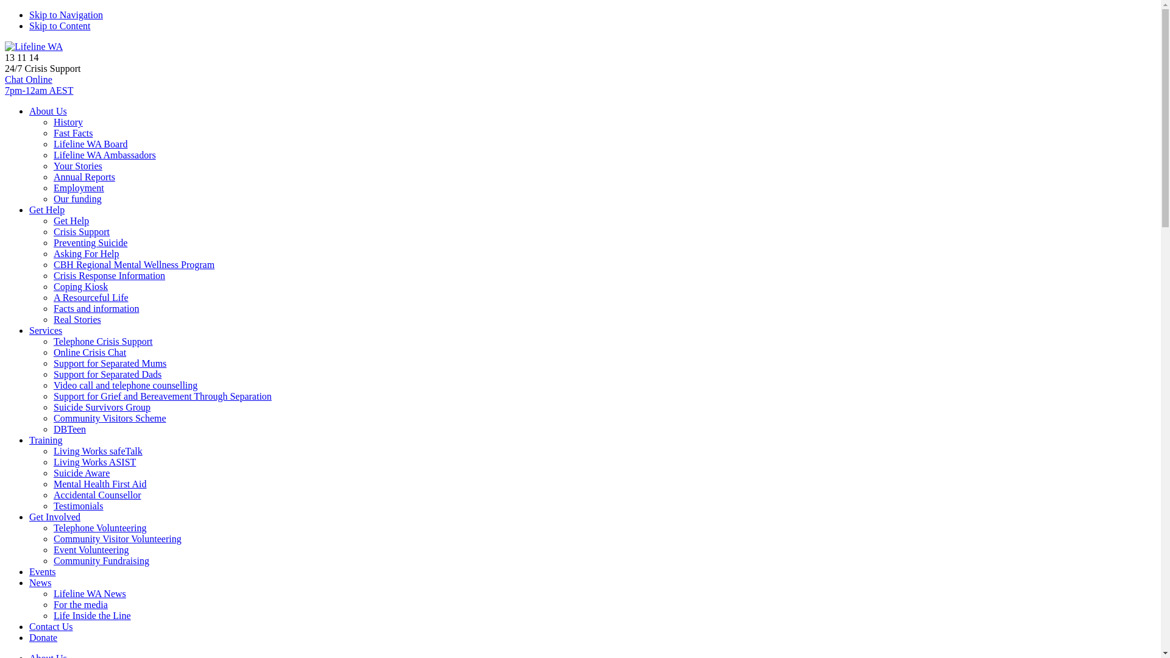  Describe the element at coordinates (81, 232) in the screenshot. I see `'Crisis Support'` at that location.